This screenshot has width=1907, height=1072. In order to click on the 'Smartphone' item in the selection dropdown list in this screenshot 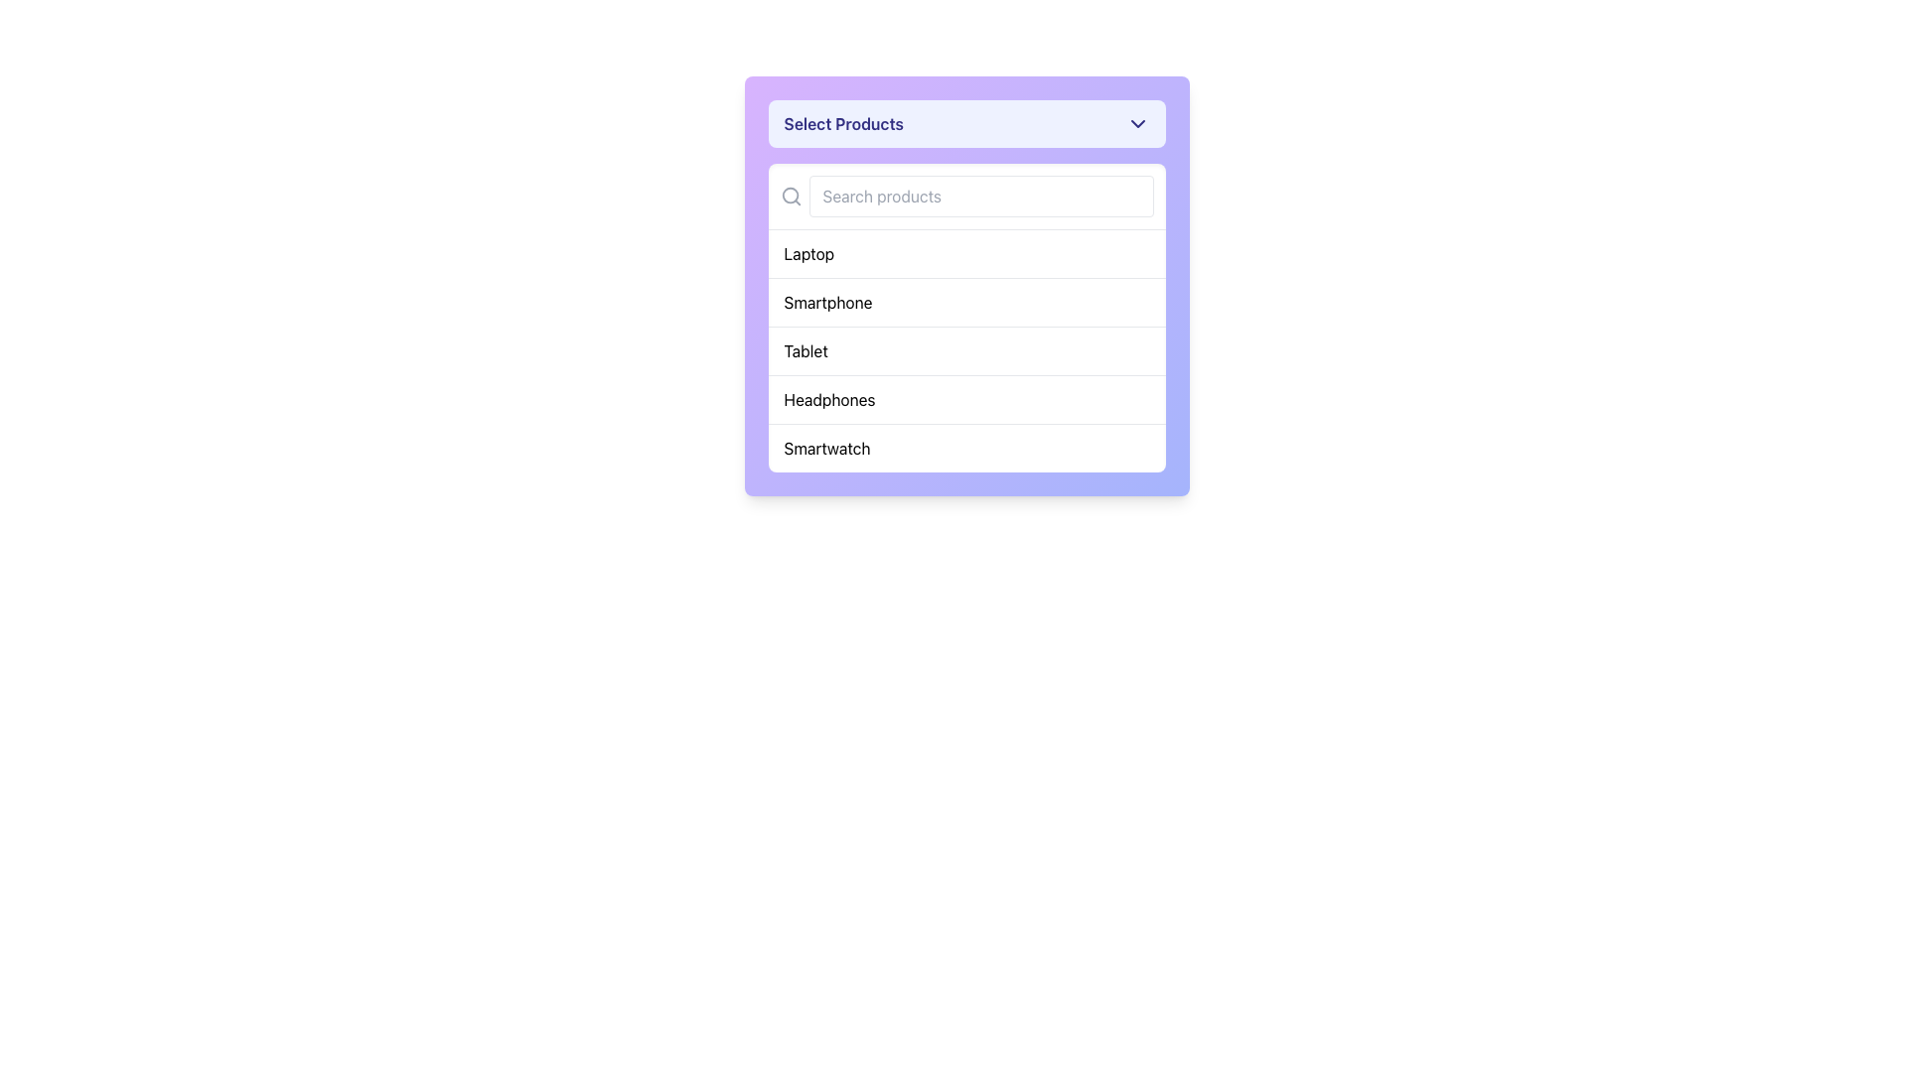, I will do `click(966, 286)`.